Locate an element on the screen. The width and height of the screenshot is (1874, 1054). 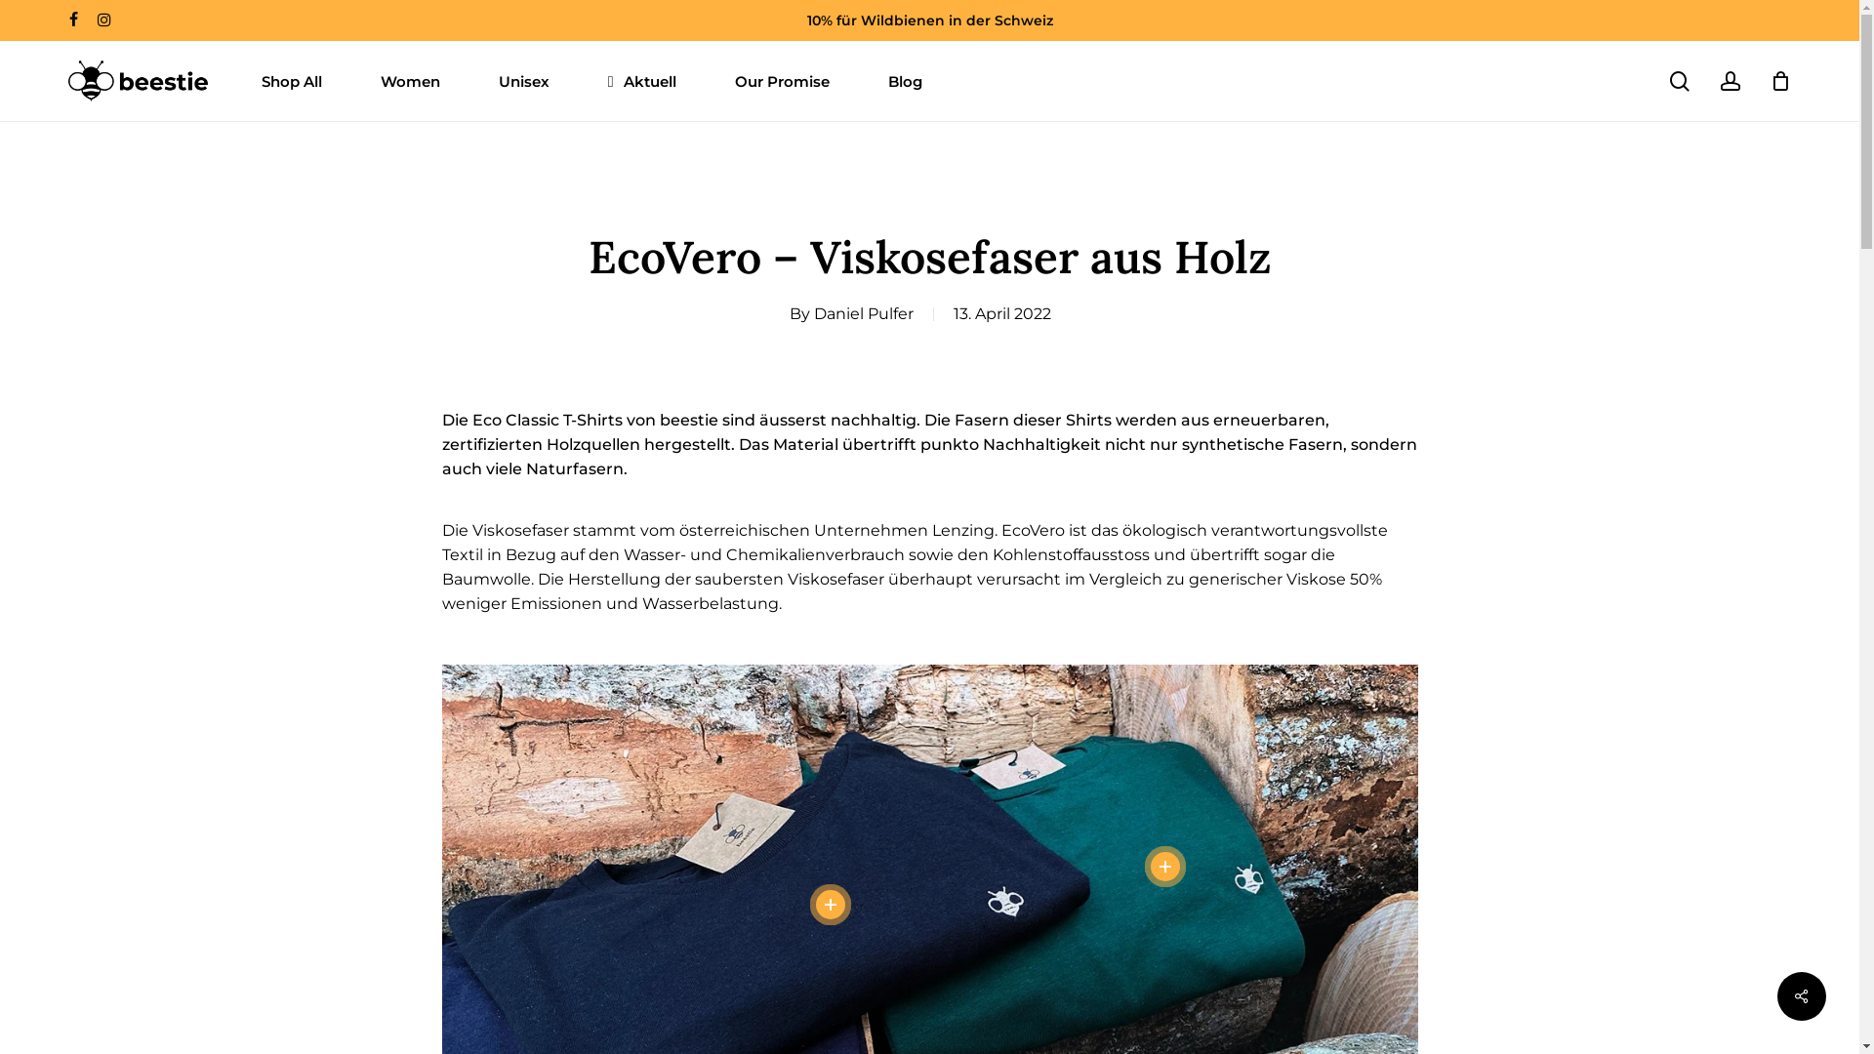
'Daniel Pulfer' is located at coordinates (862, 312).